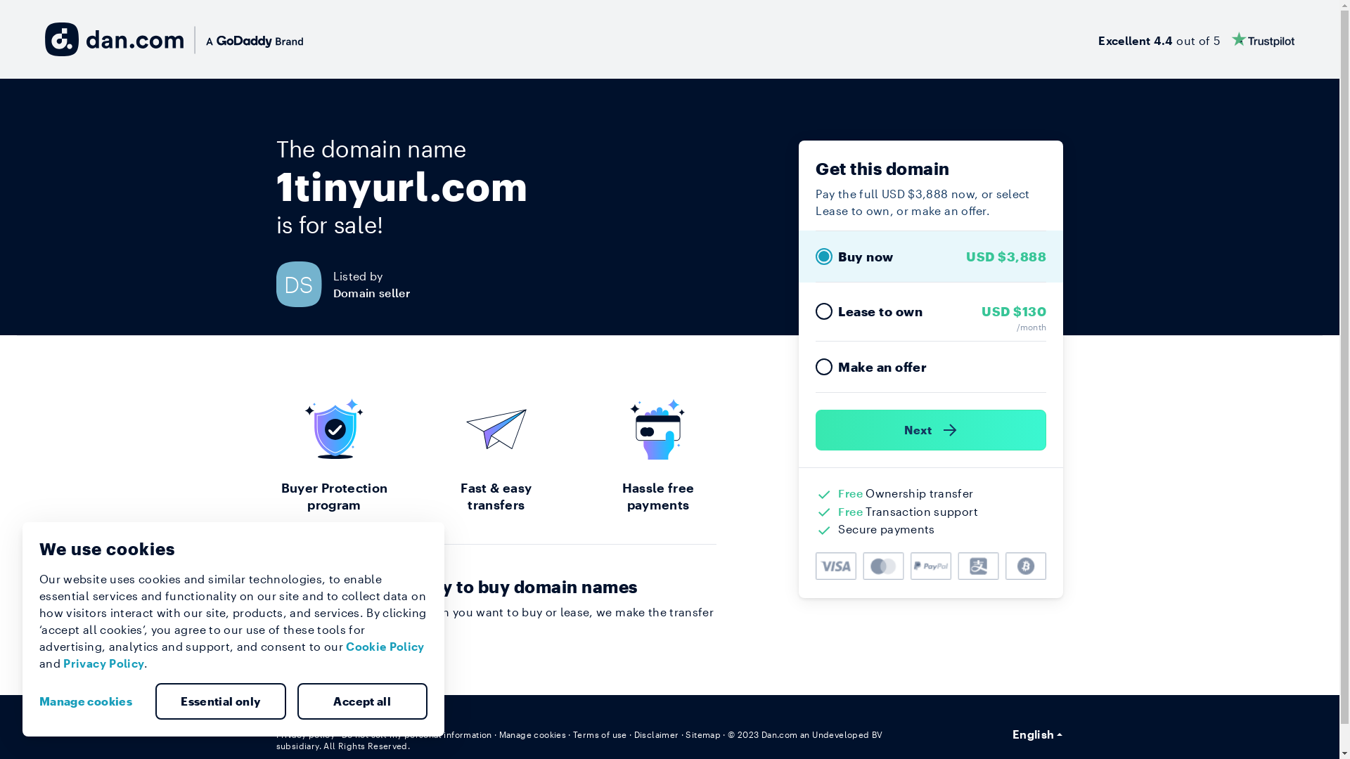 The height and width of the screenshot is (759, 1350). What do you see at coordinates (345, 646) in the screenshot?
I see `'Cookie Policy'` at bounding box center [345, 646].